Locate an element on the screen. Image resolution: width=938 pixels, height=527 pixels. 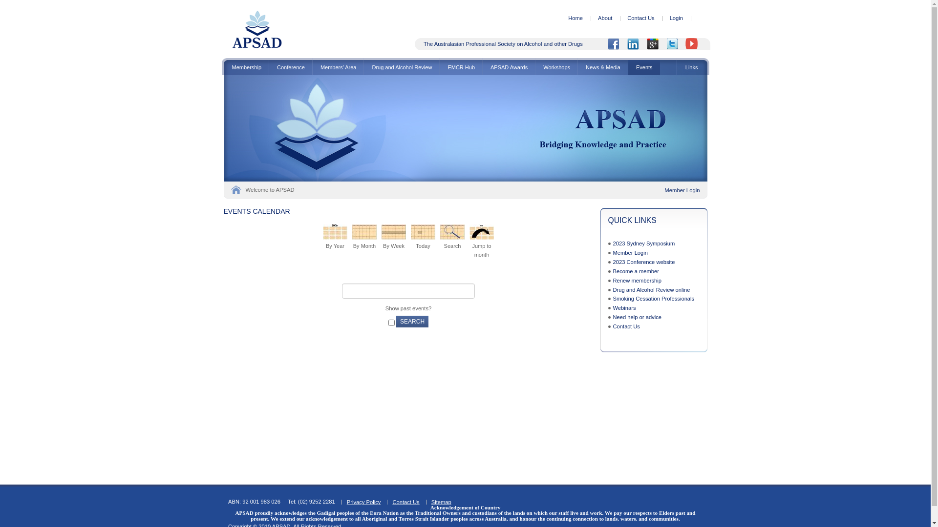
'APASD' is located at coordinates (256, 47).